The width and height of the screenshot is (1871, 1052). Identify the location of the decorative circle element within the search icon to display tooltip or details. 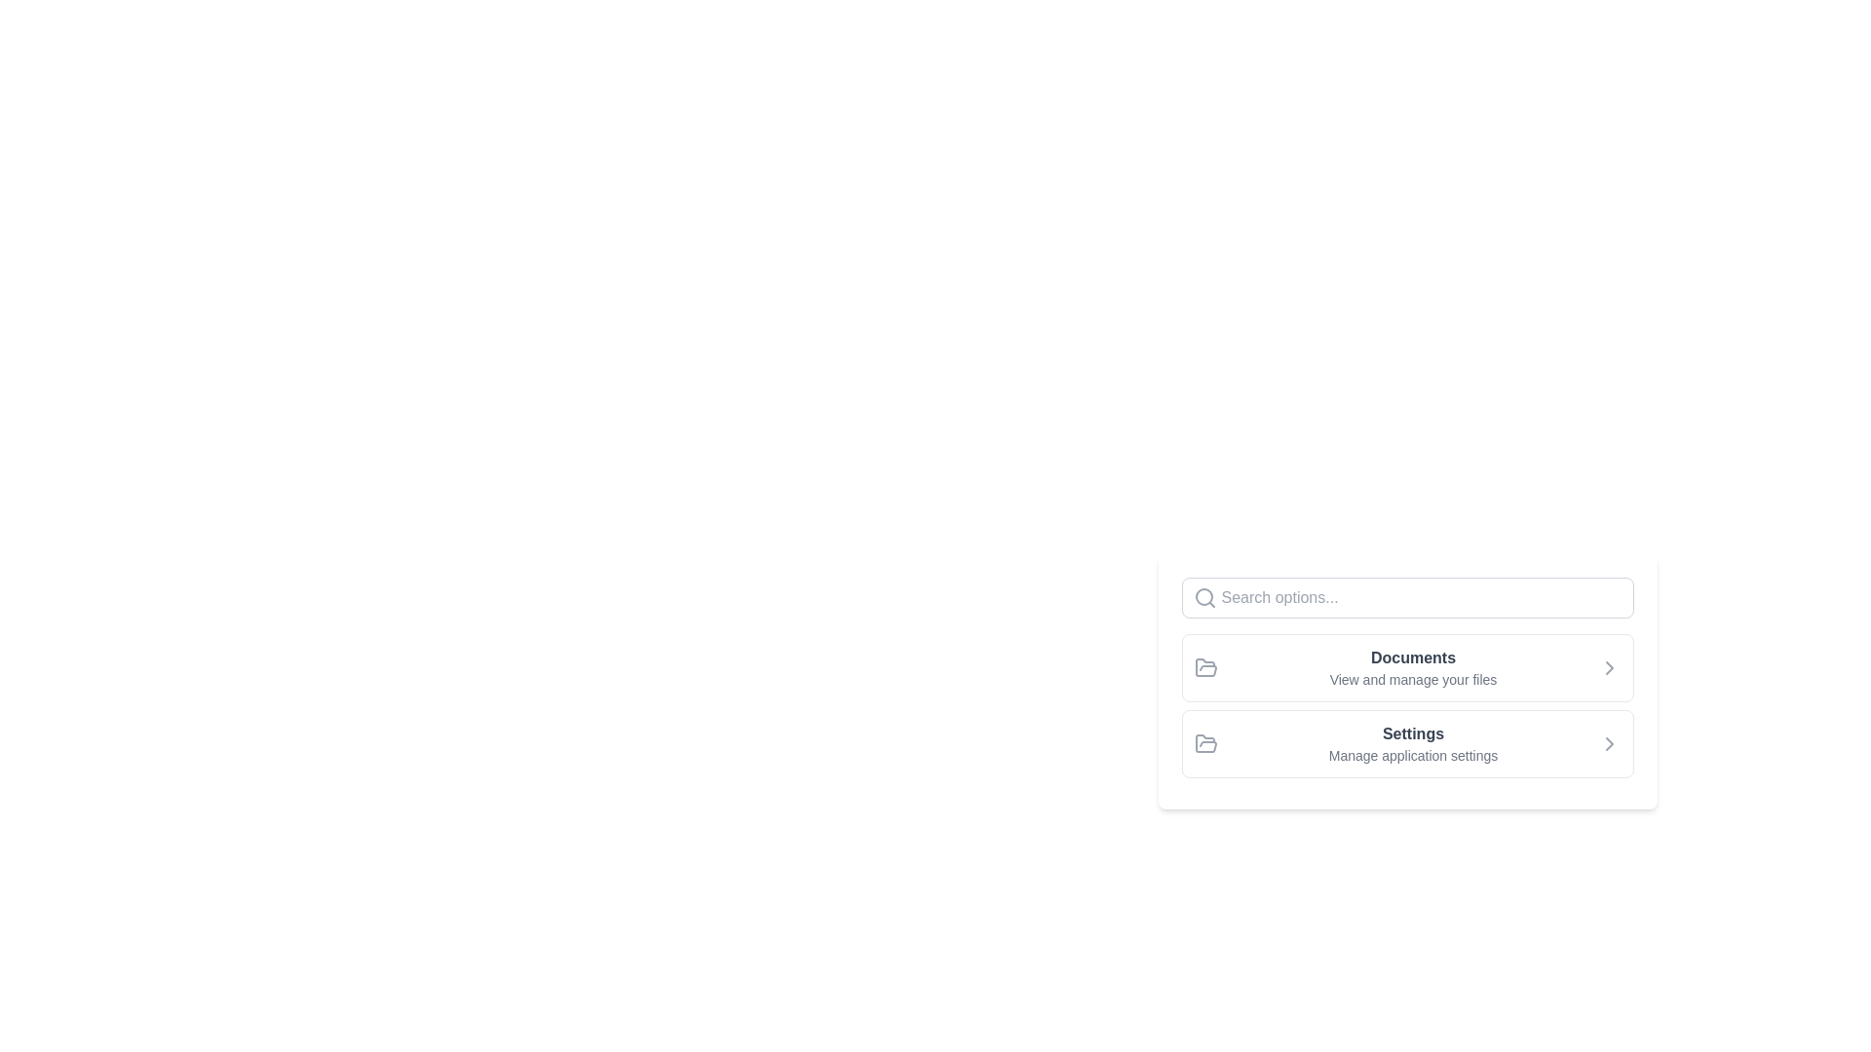
(1203, 596).